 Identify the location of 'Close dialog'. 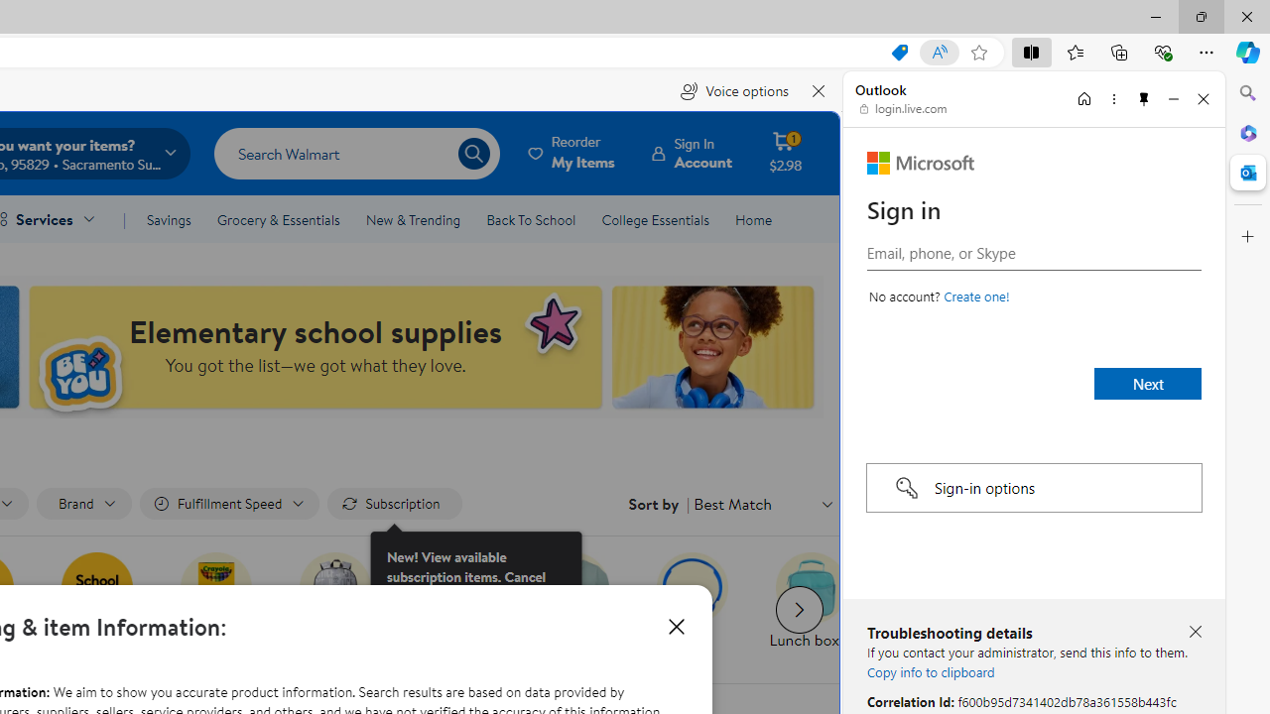
(676, 626).